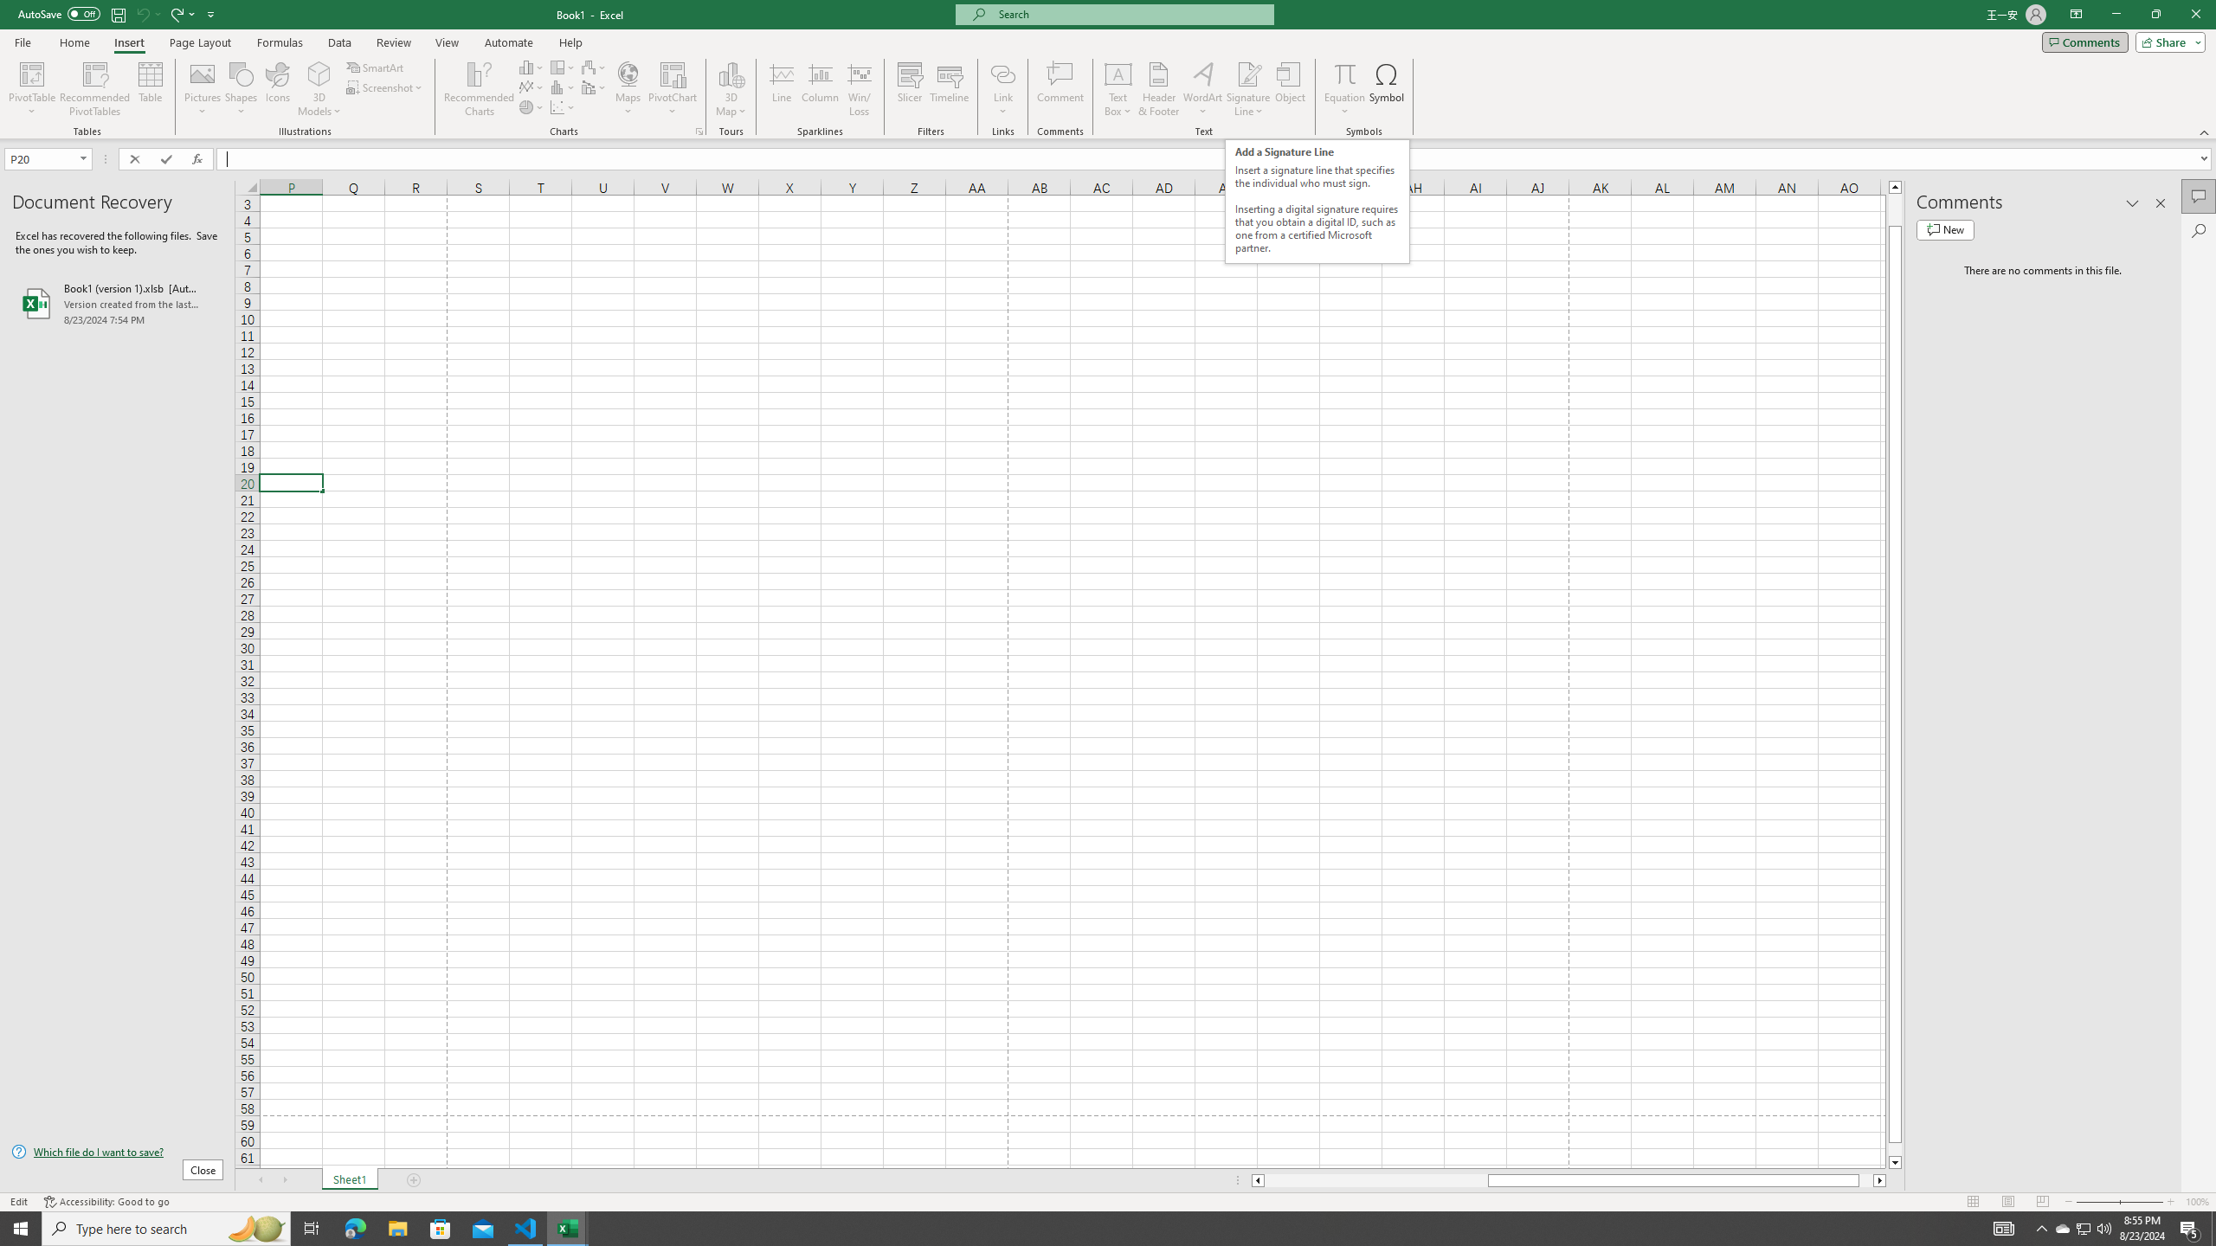 This screenshot has height=1246, width=2216. I want to click on 'Shapes', so click(241, 89).